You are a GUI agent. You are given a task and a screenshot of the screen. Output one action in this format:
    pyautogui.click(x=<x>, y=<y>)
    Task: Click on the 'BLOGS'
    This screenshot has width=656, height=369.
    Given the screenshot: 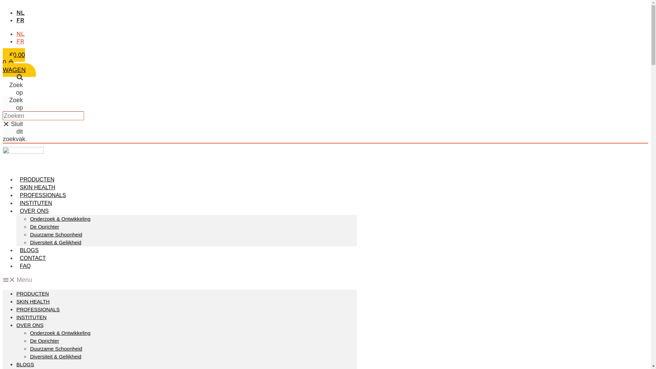 What is the action you would take?
    pyautogui.click(x=16, y=250)
    